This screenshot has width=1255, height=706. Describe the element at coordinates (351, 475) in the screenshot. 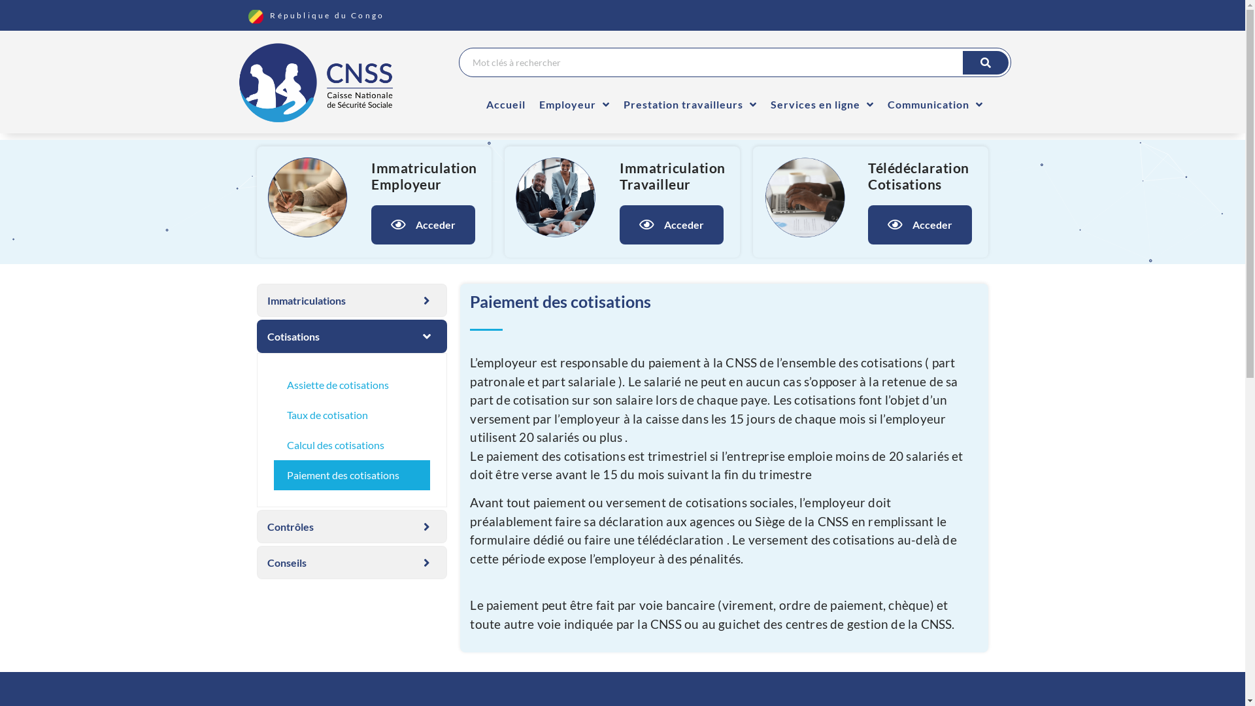

I see `'Paiement des cotisations'` at that location.